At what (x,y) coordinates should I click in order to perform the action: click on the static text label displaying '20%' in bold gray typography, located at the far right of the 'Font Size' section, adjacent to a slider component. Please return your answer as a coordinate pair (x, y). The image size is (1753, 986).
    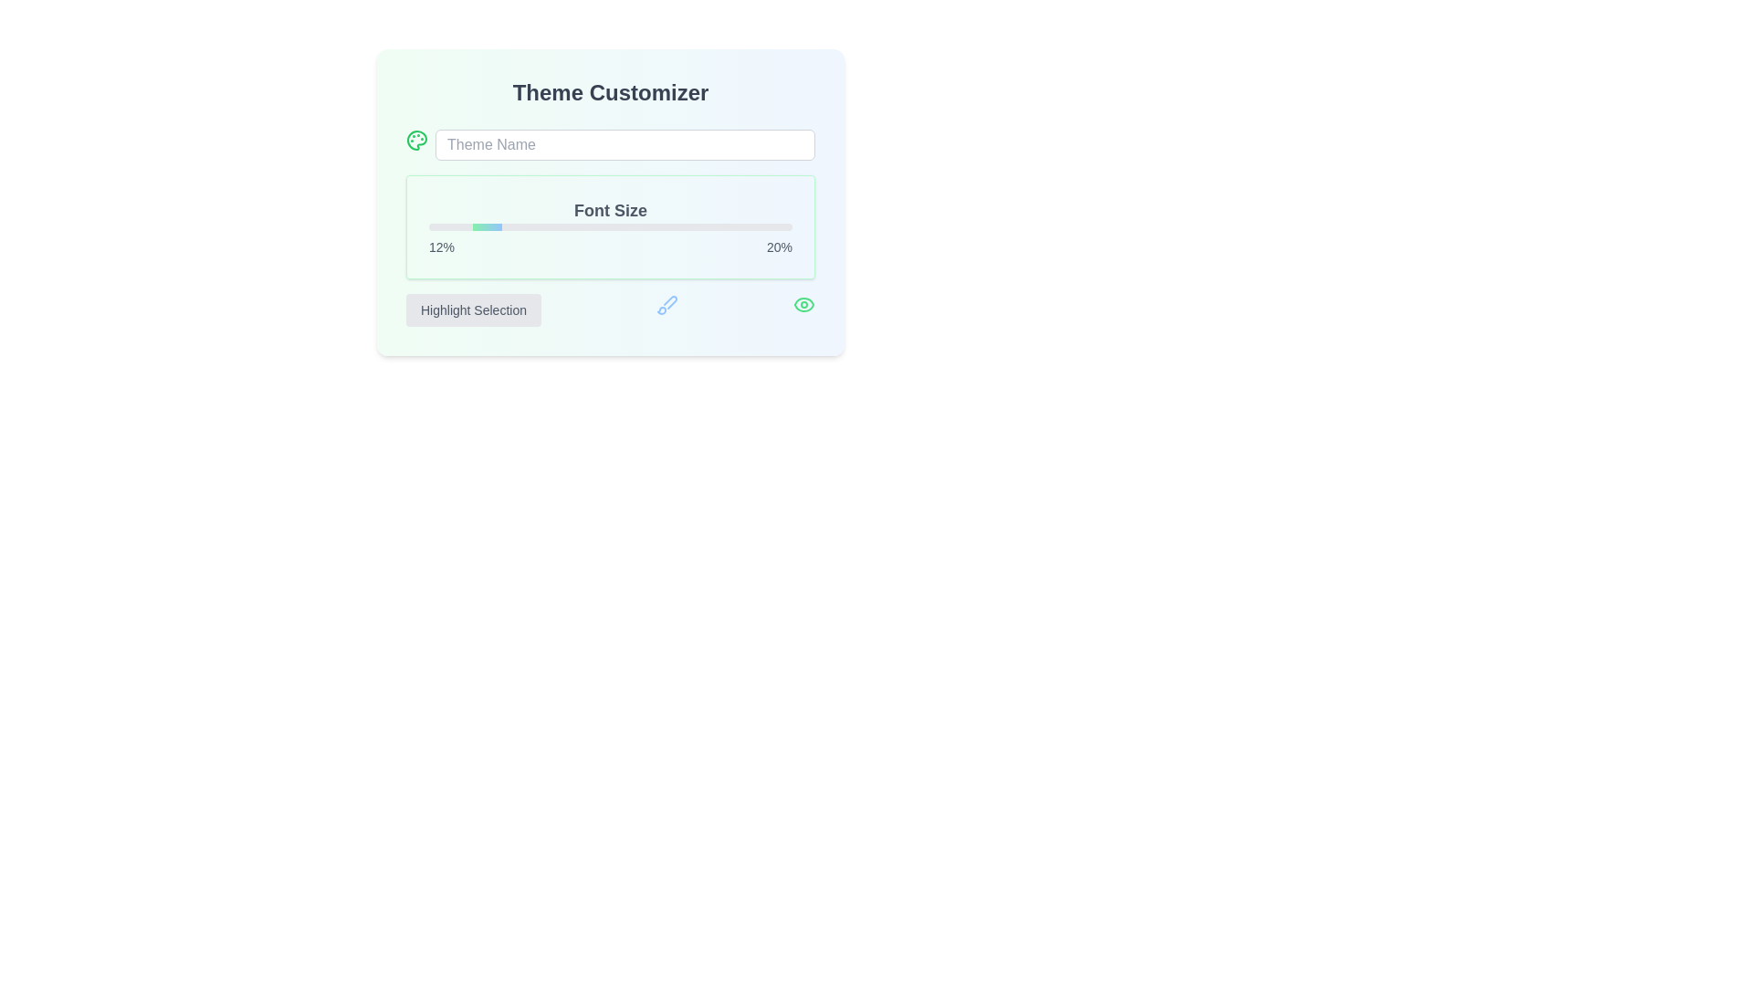
    Looking at the image, I should click on (780, 246).